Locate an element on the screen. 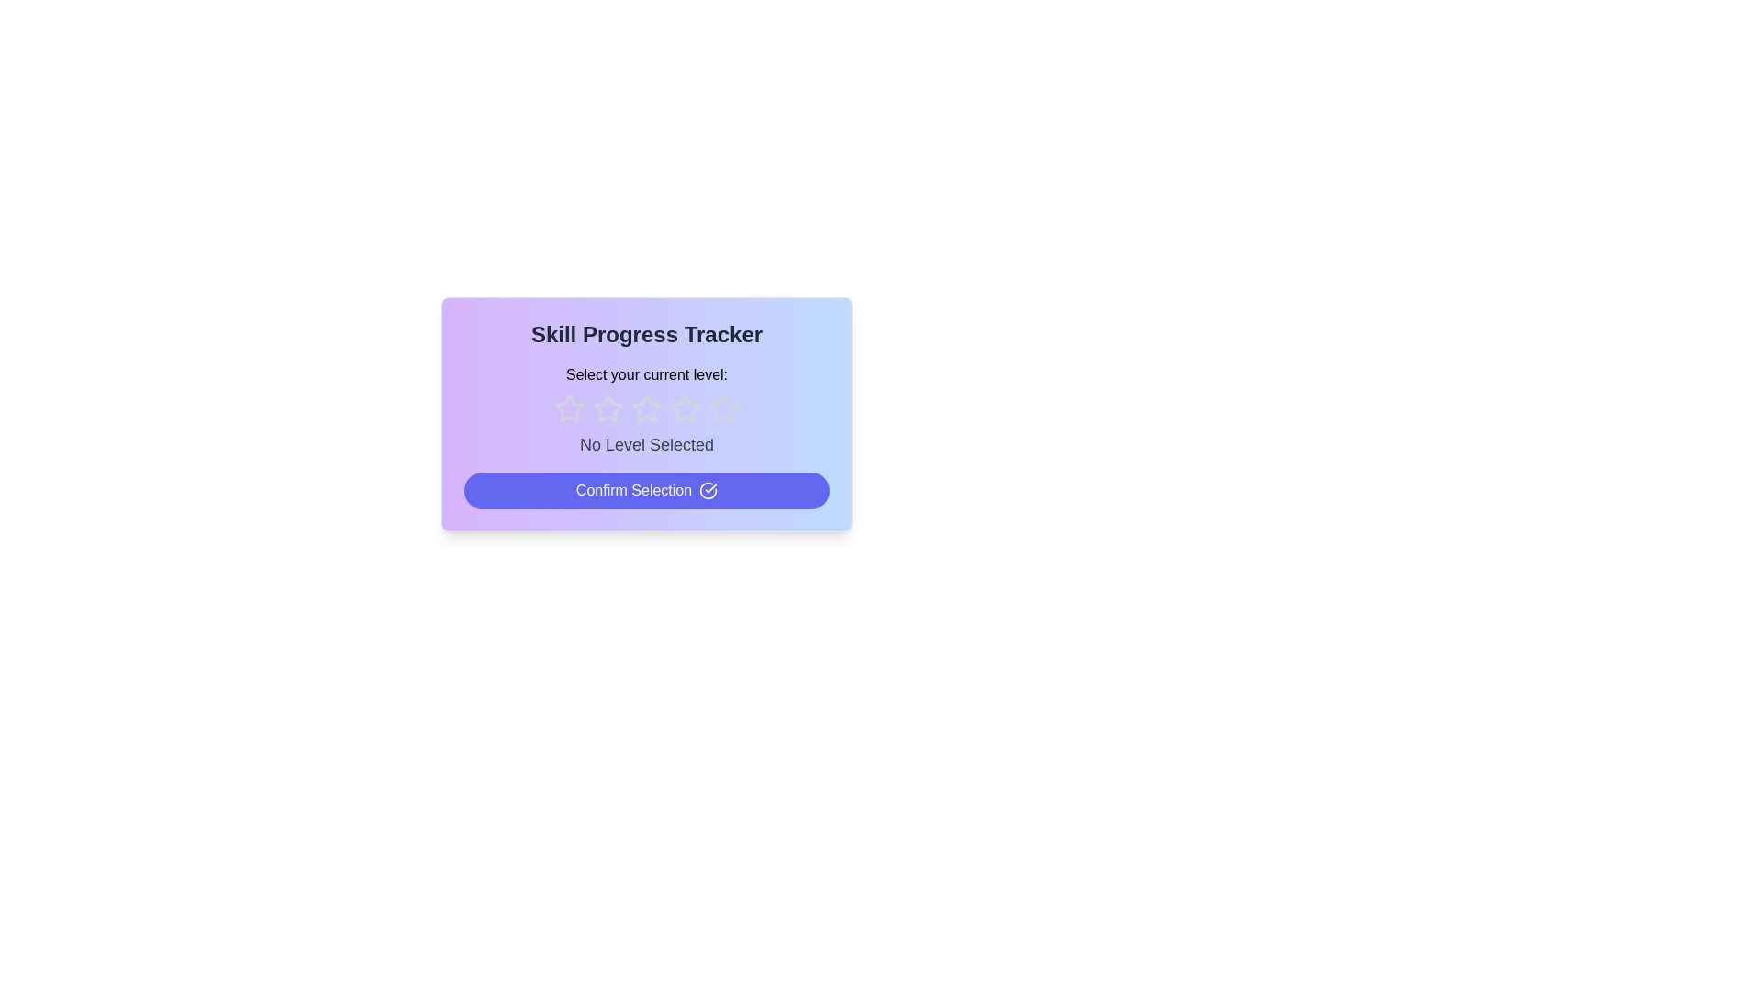 The width and height of the screenshot is (1762, 991). the star corresponding to 1 to preview the rating is located at coordinates (568, 408).